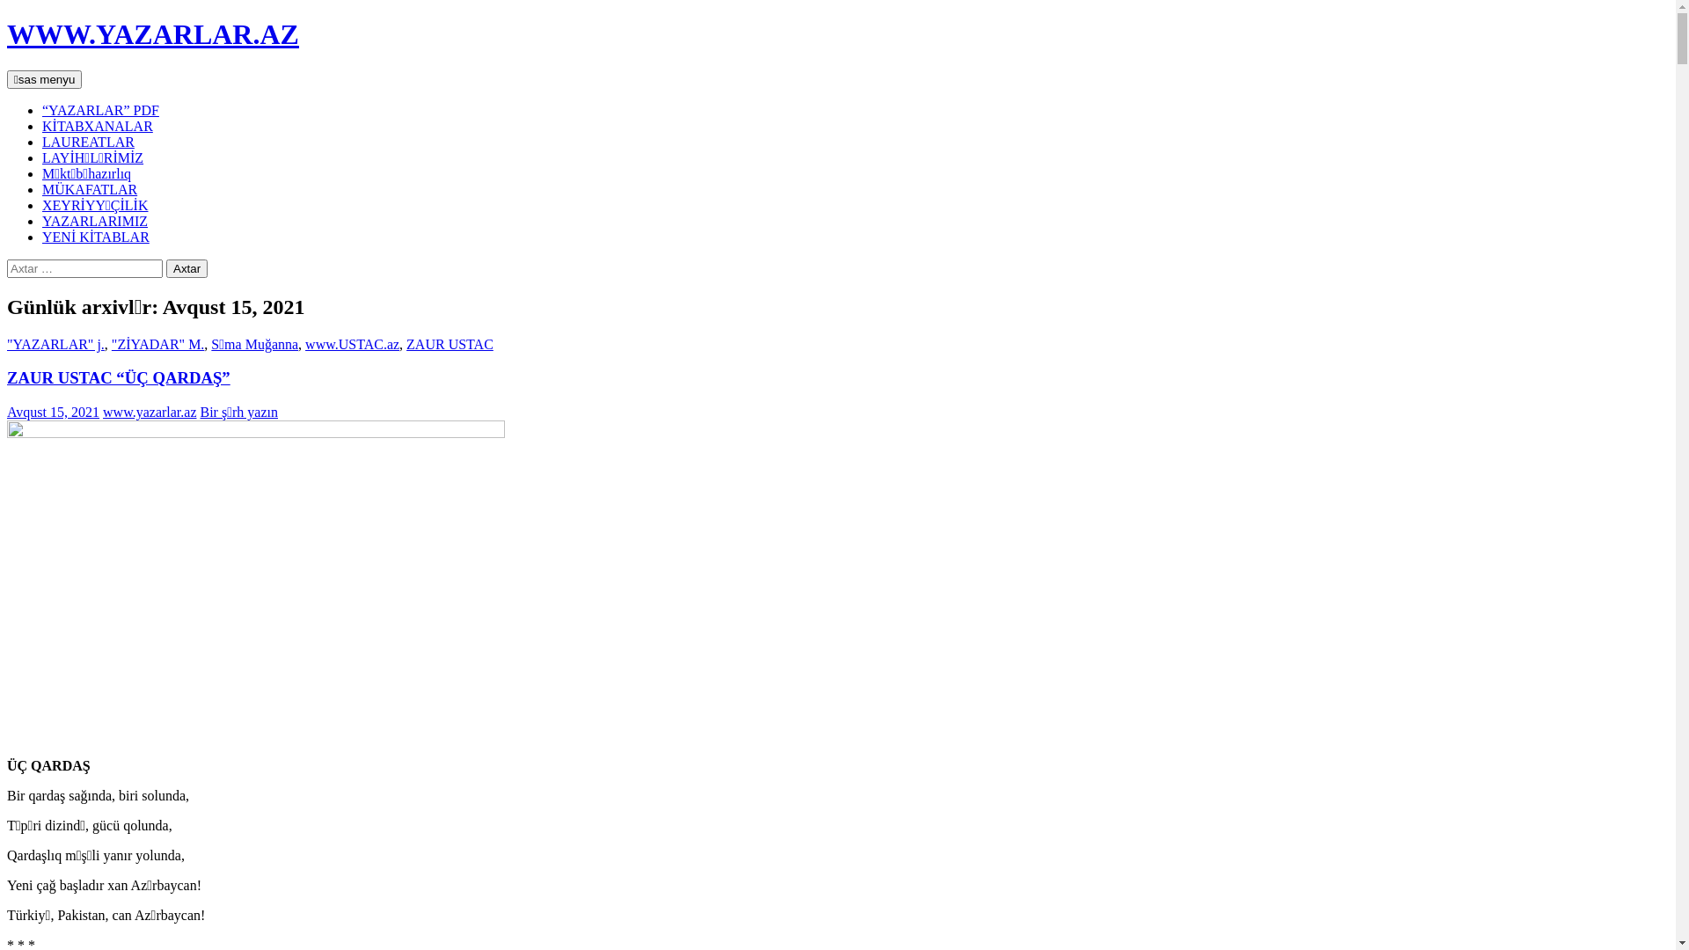 The image size is (1689, 950). What do you see at coordinates (152, 33) in the screenshot?
I see `'WWW.YAZARLAR.AZ'` at bounding box center [152, 33].